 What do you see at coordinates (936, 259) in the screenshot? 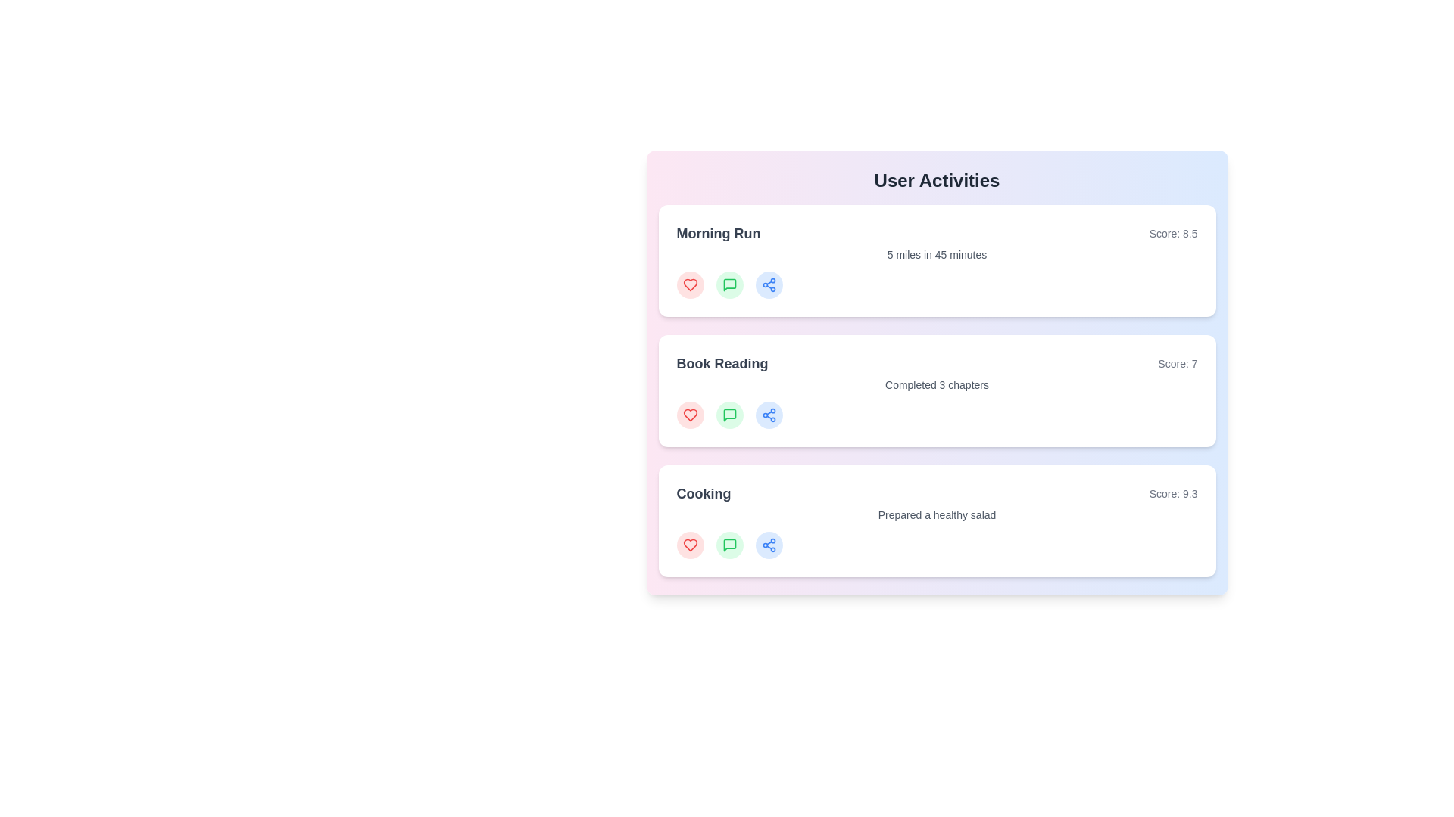
I see `the activity card for 'Morning Run'` at bounding box center [936, 259].